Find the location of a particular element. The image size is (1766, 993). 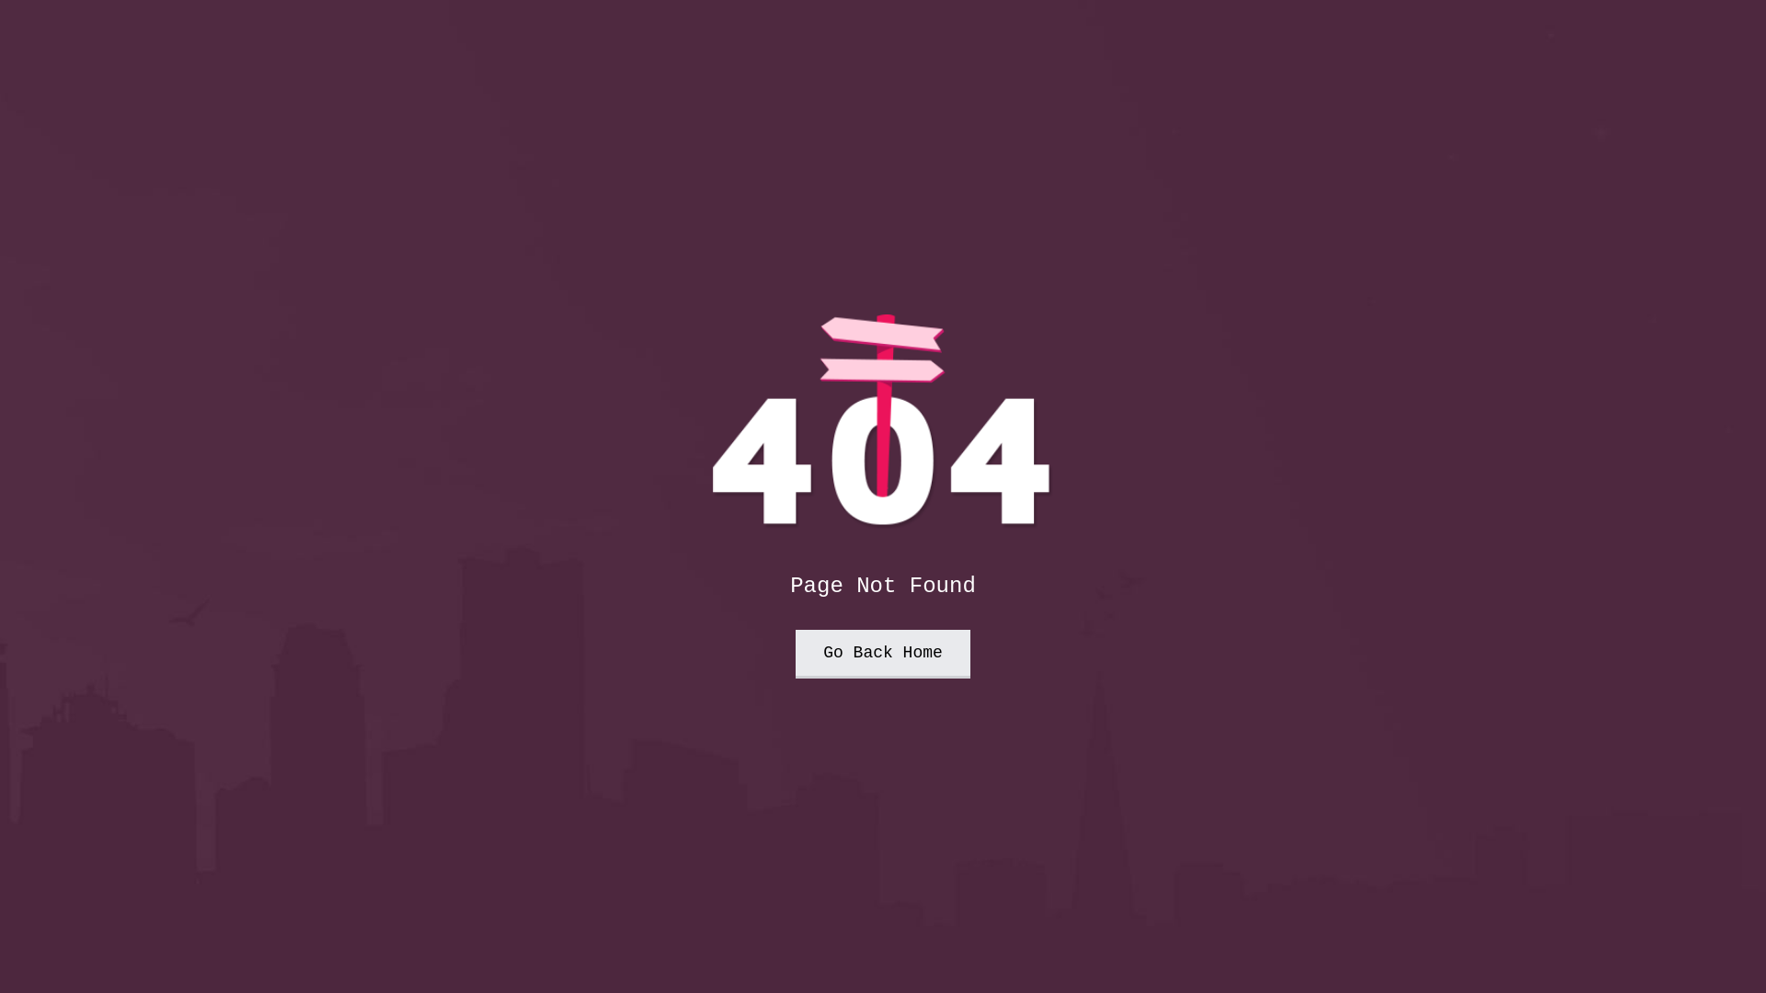

'Go Back Home' is located at coordinates (883, 653).